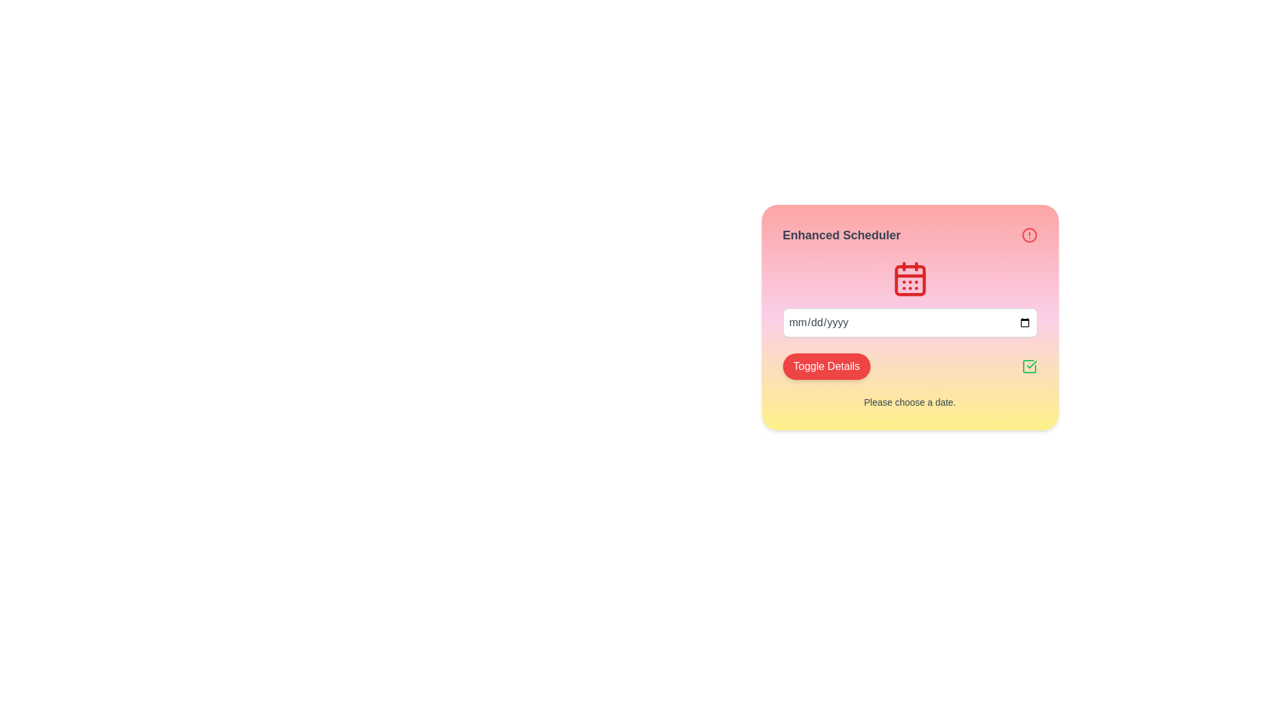  Describe the element at coordinates (841, 234) in the screenshot. I see `the Static text label displaying 'Enhanced Scheduler' in bold gray font, located at the top-left corner of the card interface` at that location.